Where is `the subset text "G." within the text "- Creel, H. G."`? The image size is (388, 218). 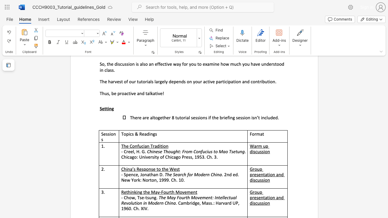
the subset text "G." within the text "- Creel, H. G." is located at coordinates (141, 151).